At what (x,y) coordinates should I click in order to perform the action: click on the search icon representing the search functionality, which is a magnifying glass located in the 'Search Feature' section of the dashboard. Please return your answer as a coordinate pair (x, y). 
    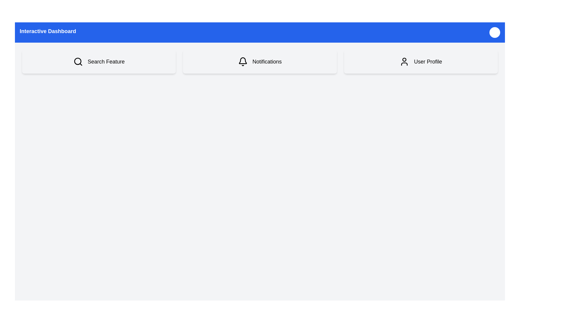
    Looking at the image, I should click on (78, 62).